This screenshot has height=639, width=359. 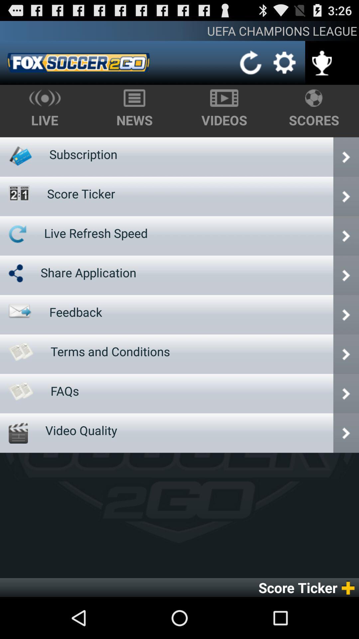 I want to click on item below feedback, so click(x=110, y=351).